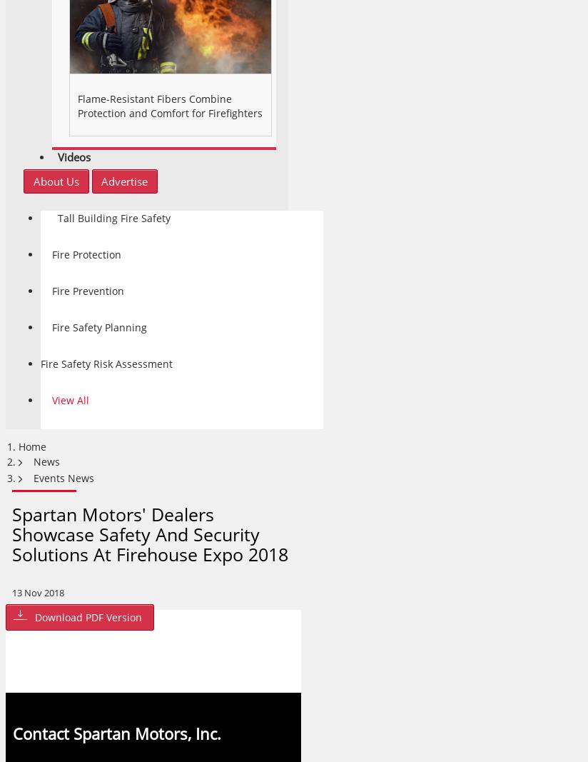 The image size is (588, 762). What do you see at coordinates (113, 218) in the screenshot?
I see `'Tall Building Fire Safety'` at bounding box center [113, 218].